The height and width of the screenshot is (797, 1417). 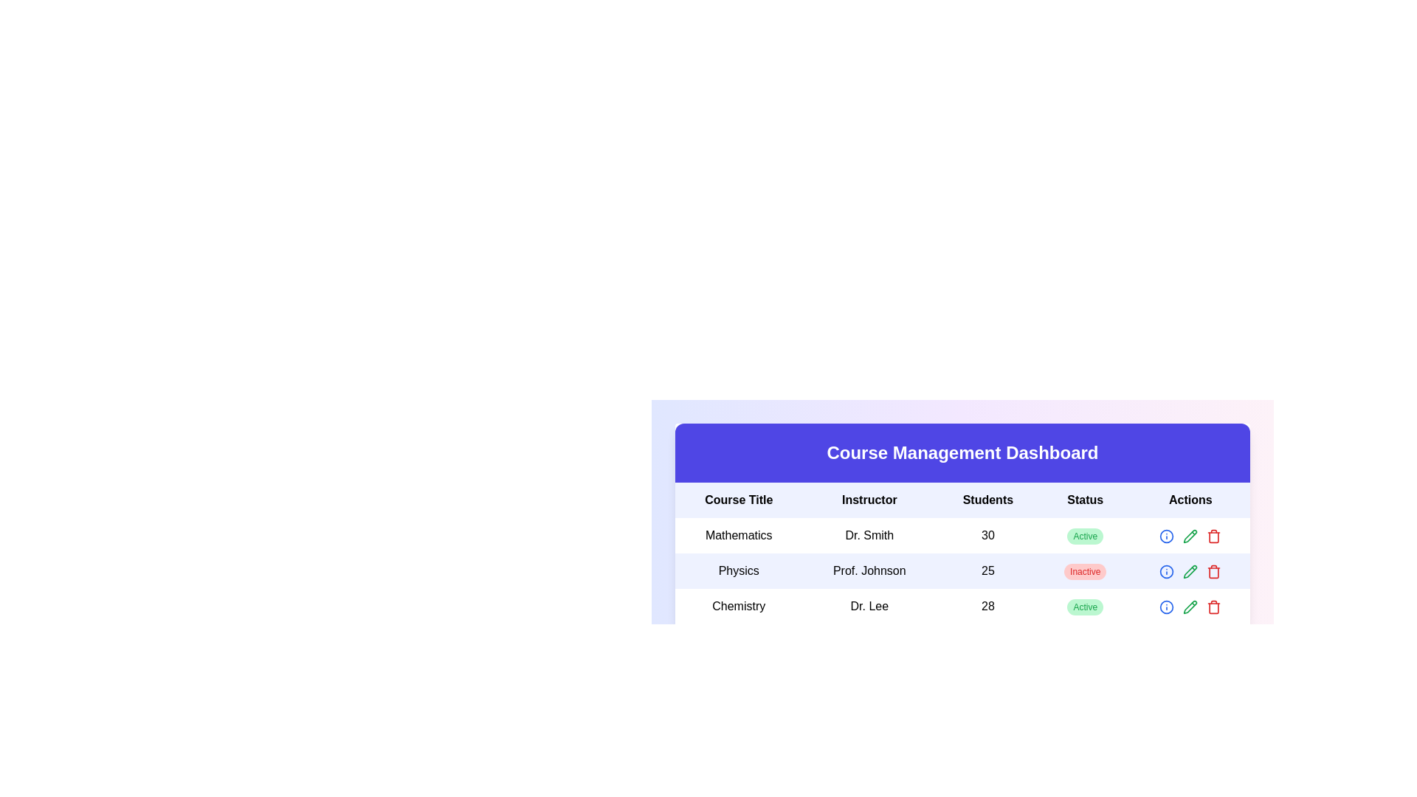 I want to click on the third cell in the 'Physics' row of the table, so click(x=987, y=570).